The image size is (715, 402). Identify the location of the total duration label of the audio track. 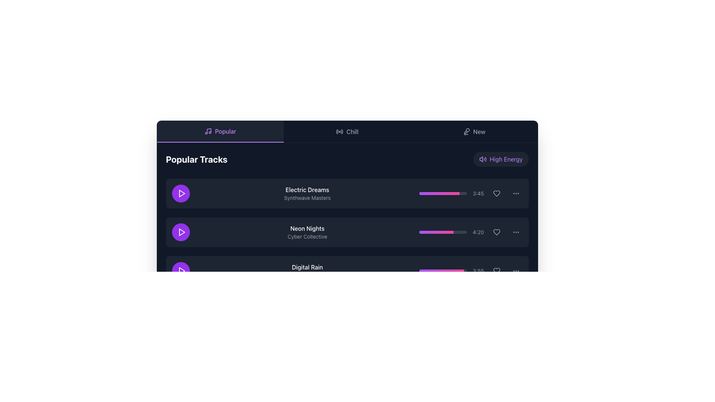
(478, 193).